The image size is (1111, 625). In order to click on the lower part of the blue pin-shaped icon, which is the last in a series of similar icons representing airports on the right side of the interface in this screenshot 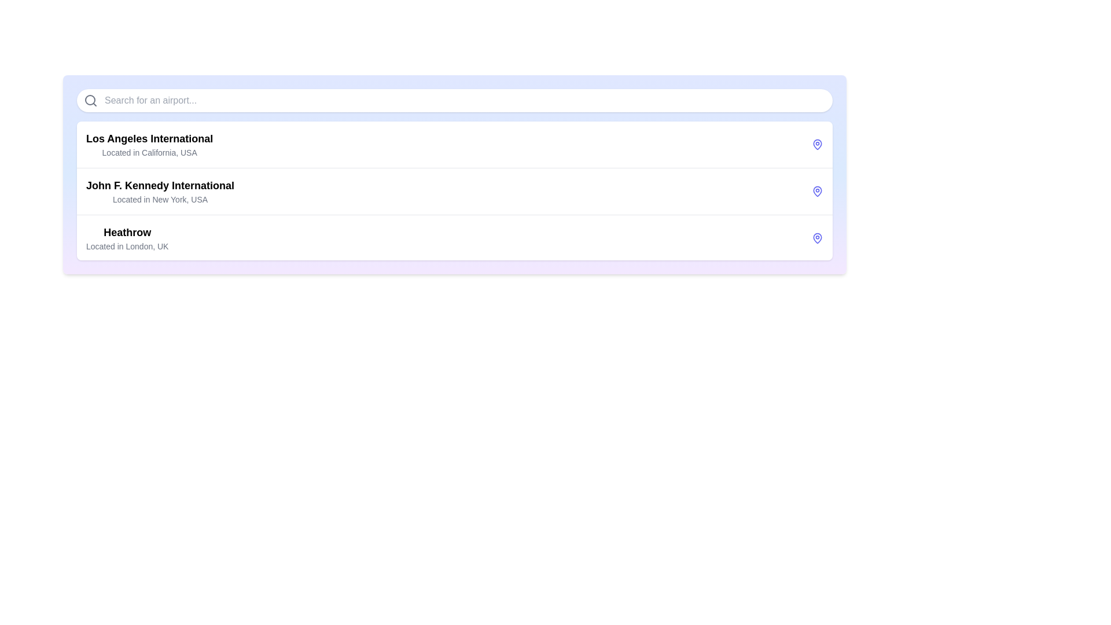, I will do `click(816, 237)`.